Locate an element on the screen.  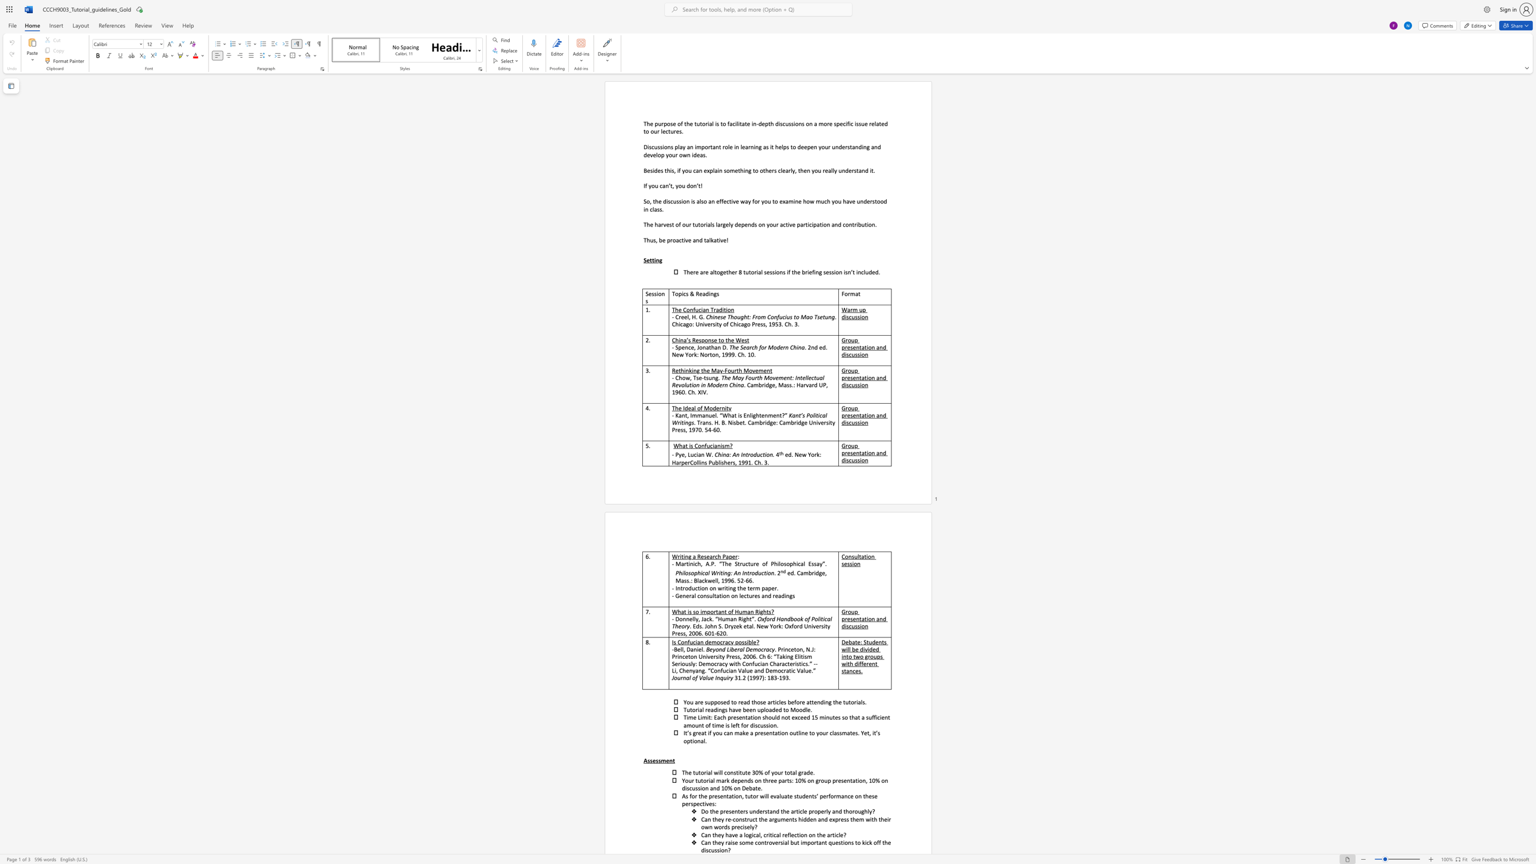
the subset text "or" within the text ". 2nd ed. New York: Norton, 1999. Ch. 10." is located at coordinates (704, 354).